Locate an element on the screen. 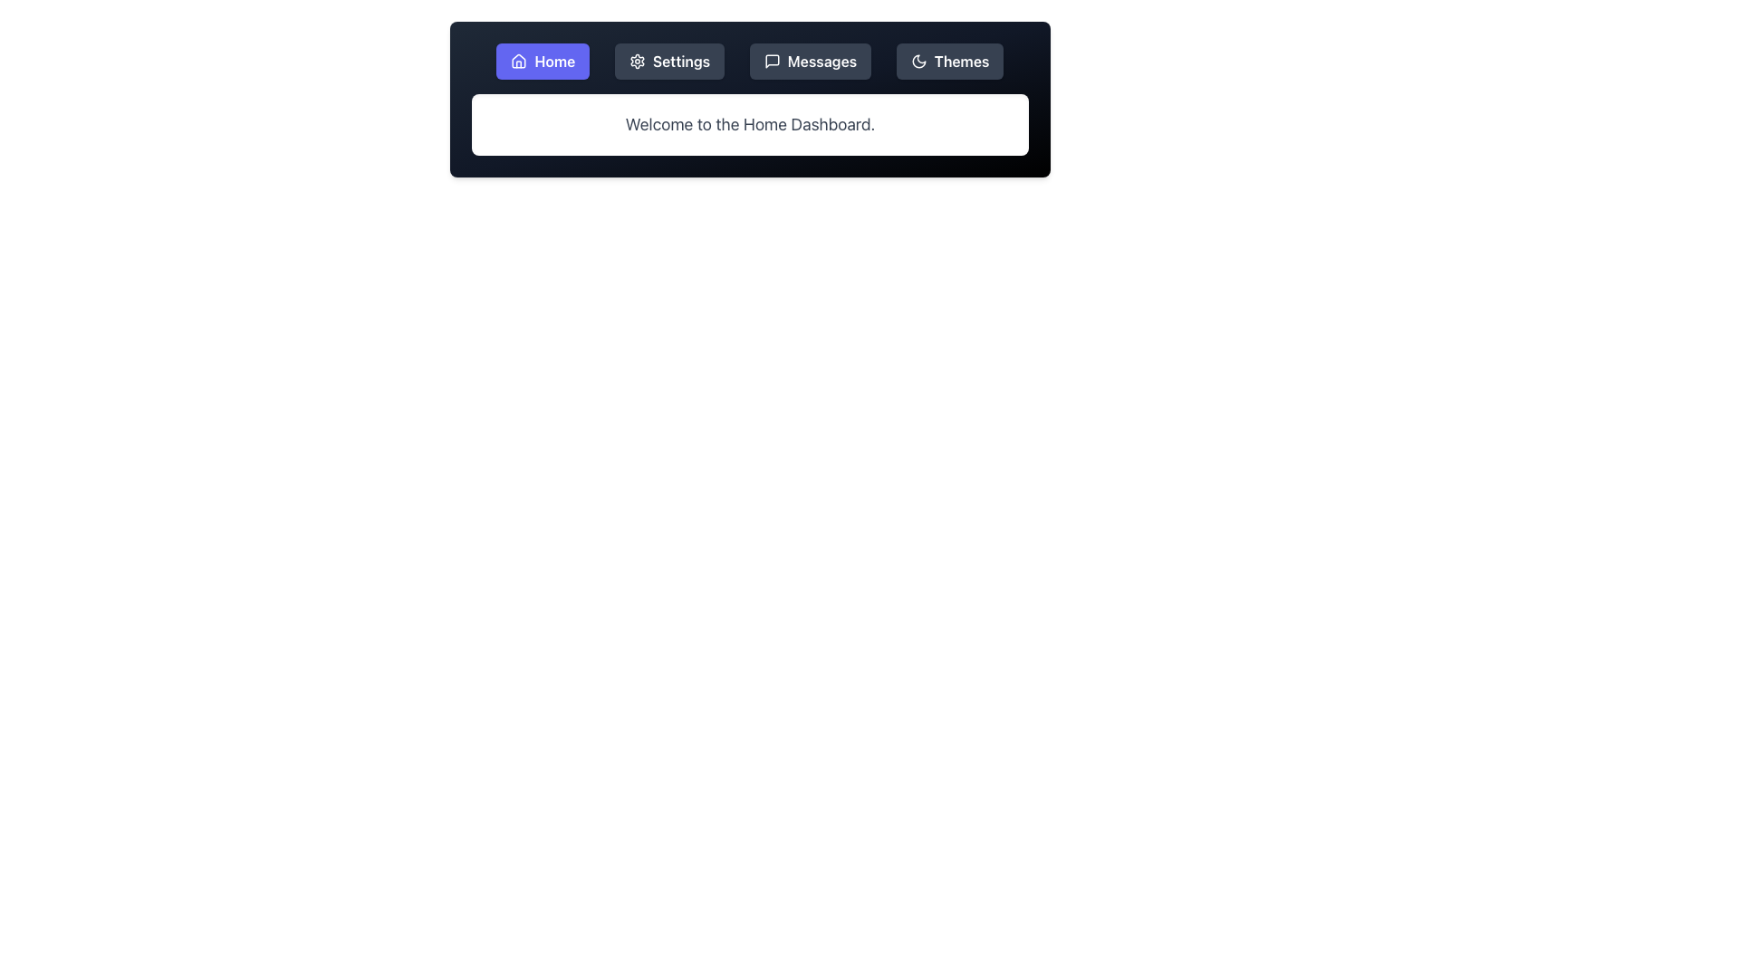 The width and height of the screenshot is (1739, 978). the 'Settings' button, which has a dark gray background and white font is located at coordinates (668, 61).